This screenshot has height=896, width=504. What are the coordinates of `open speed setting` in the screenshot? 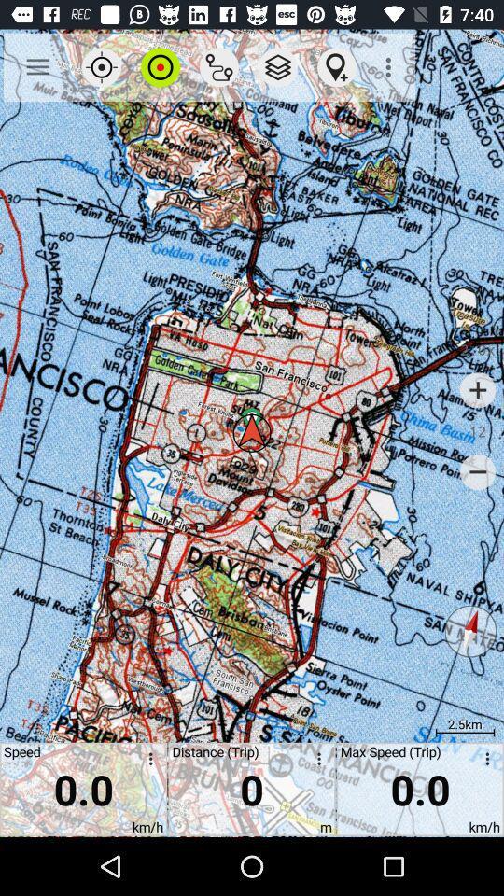 It's located at (147, 762).